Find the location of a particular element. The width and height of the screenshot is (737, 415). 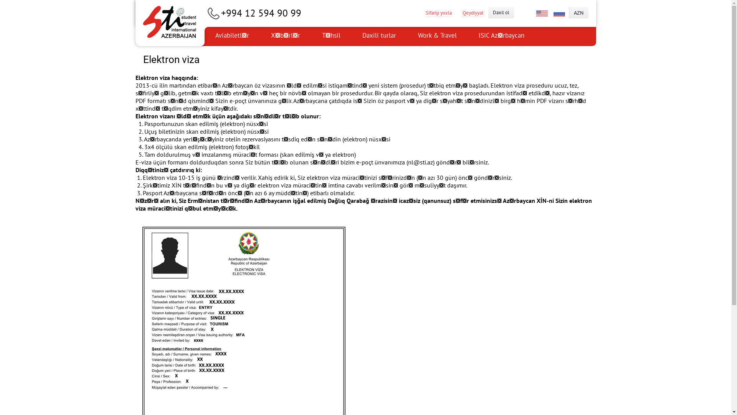

'Work & Travel' is located at coordinates (407, 37).